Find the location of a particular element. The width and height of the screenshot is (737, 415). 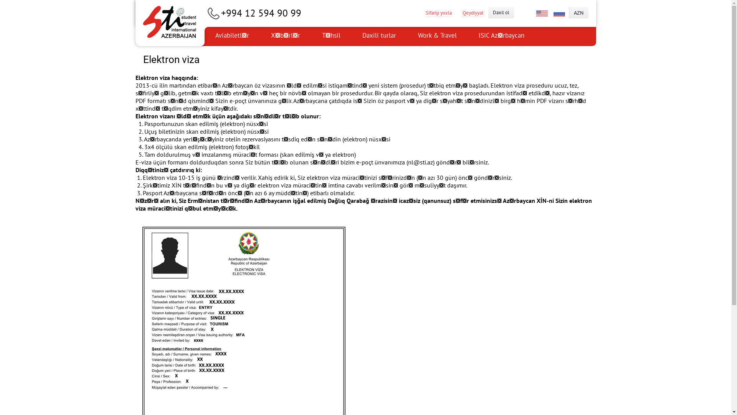

'Work & Travel' is located at coordinates (407, 37).